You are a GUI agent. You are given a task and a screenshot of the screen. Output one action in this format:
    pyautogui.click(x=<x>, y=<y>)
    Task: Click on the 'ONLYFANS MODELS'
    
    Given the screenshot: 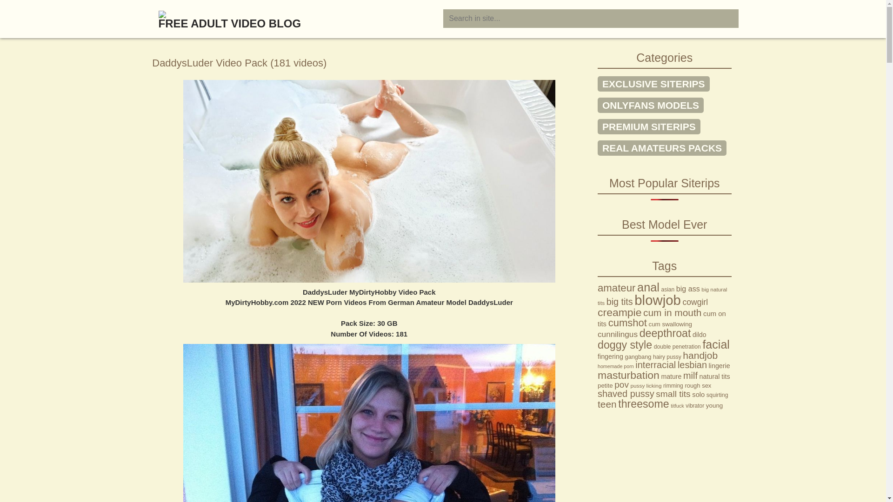 What is the action you would take?
    pyautogui.click(x=650, y=105)
    